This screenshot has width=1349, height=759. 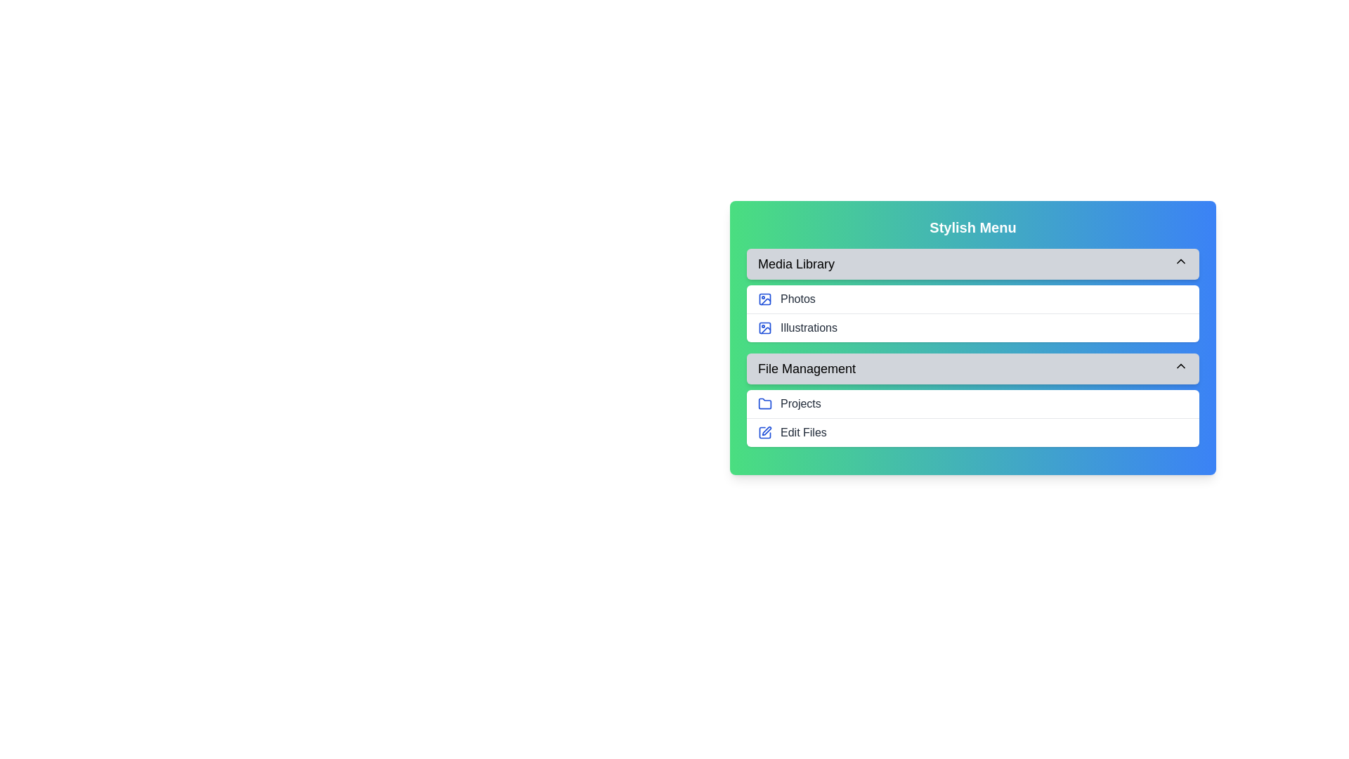 What do you see at coordinates (800, 403) in the screenshot?
I see `the 'Projects' menu item with a folder icon` at bounding box center [800, 403].